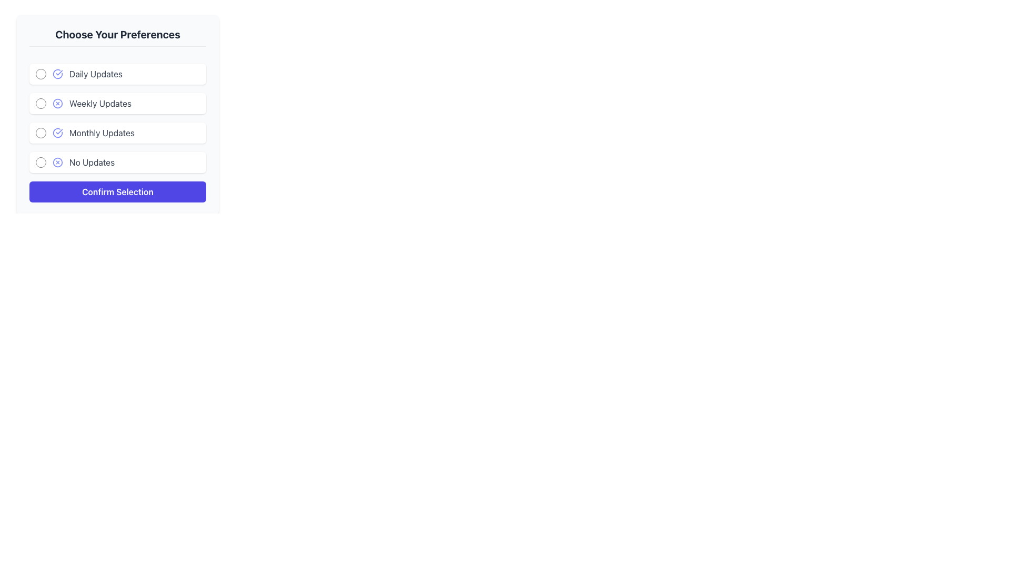  I want to click on the static text label displaying 'Daily Updates', which is medium-weight, gray-colored, and emphasized within a white background, located in the first row of a vertical list under 'Choose Your Preferences', so click(96, 74).